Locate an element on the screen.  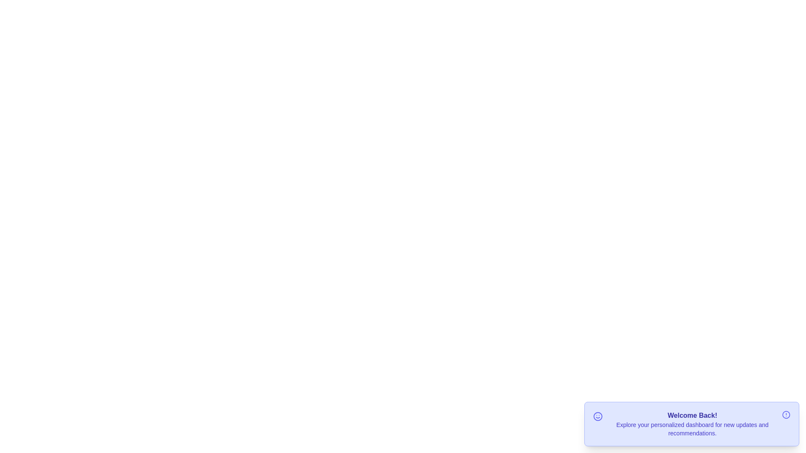
the smile icon in the notification is located at coordinates (597, 416).